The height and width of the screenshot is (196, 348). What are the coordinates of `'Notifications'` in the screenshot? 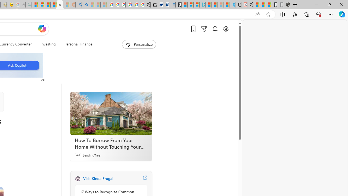 It's located at (215, 29).